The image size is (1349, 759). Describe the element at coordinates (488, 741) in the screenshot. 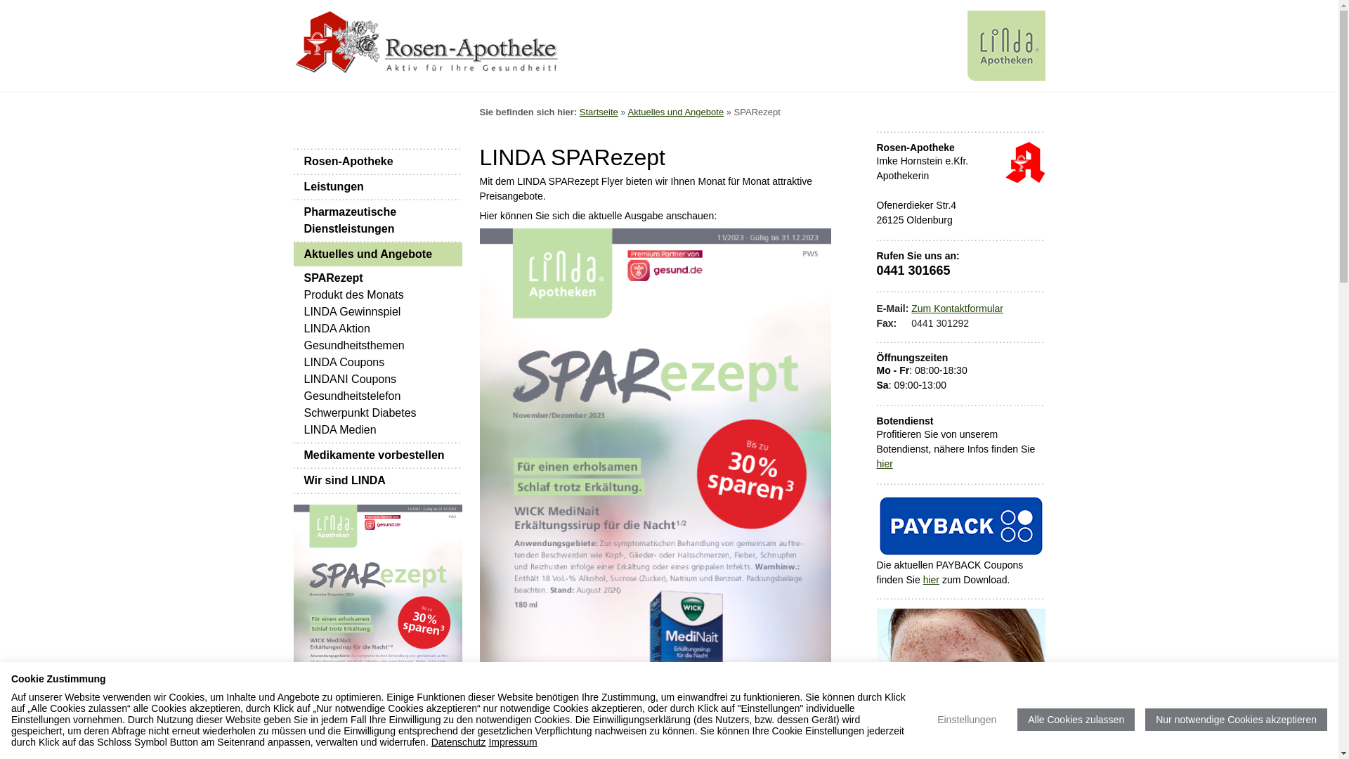

I see `'Impressum'` at that location.